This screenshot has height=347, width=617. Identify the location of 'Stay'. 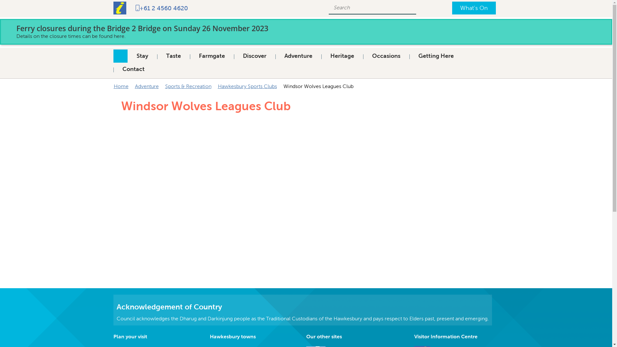
(141, 56).